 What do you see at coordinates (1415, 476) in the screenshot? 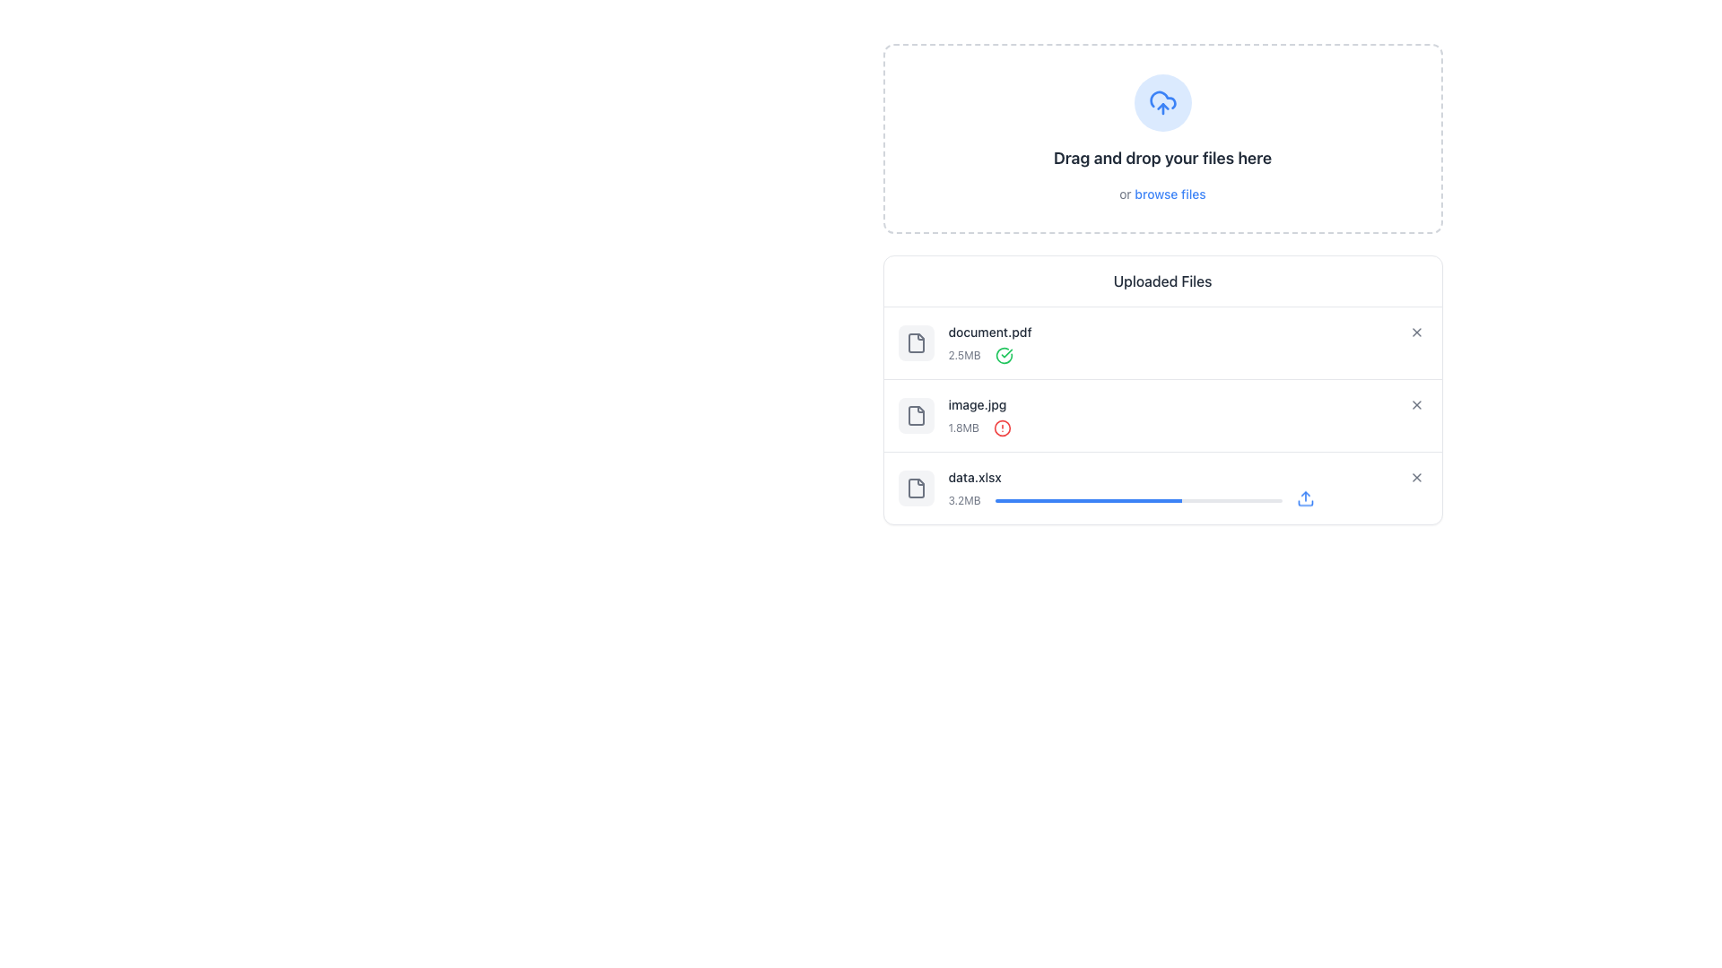
I see `the circular button at the right end of the entry for the file named 'data.xlsx'` at bounding box center [1415, 476].